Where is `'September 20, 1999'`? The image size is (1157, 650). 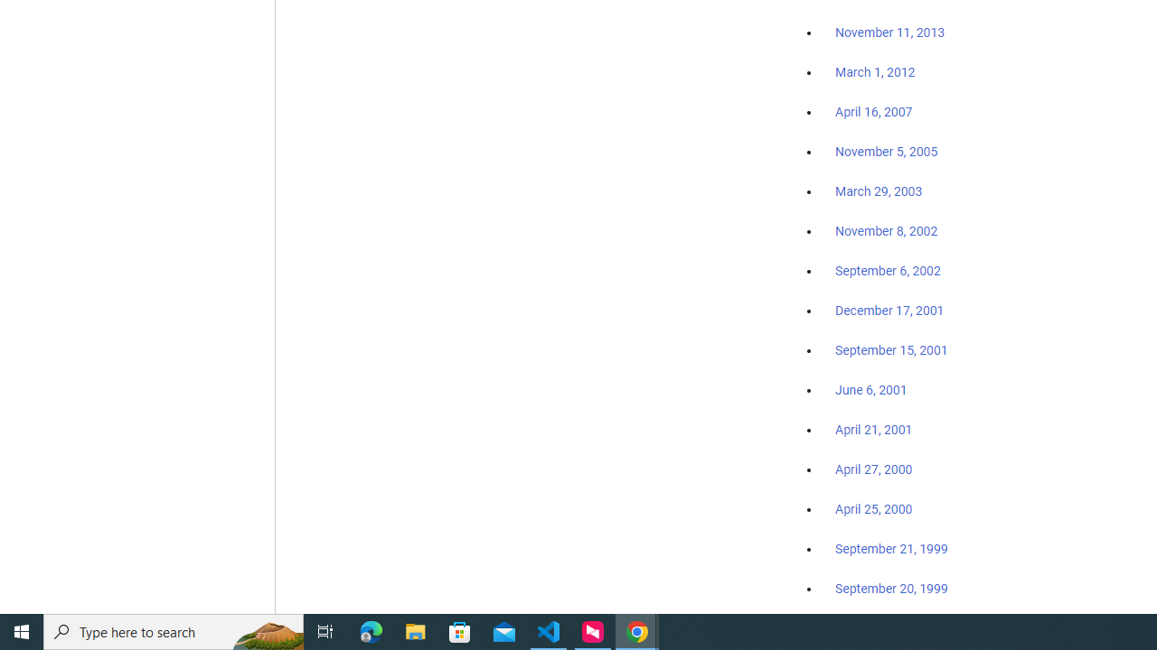
'September 20, 1999' is located at coordinates (891, 588).